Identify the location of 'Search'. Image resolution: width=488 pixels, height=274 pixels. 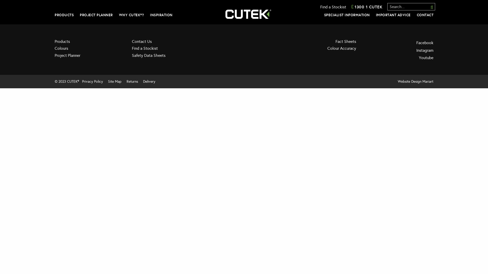
(429, 7).